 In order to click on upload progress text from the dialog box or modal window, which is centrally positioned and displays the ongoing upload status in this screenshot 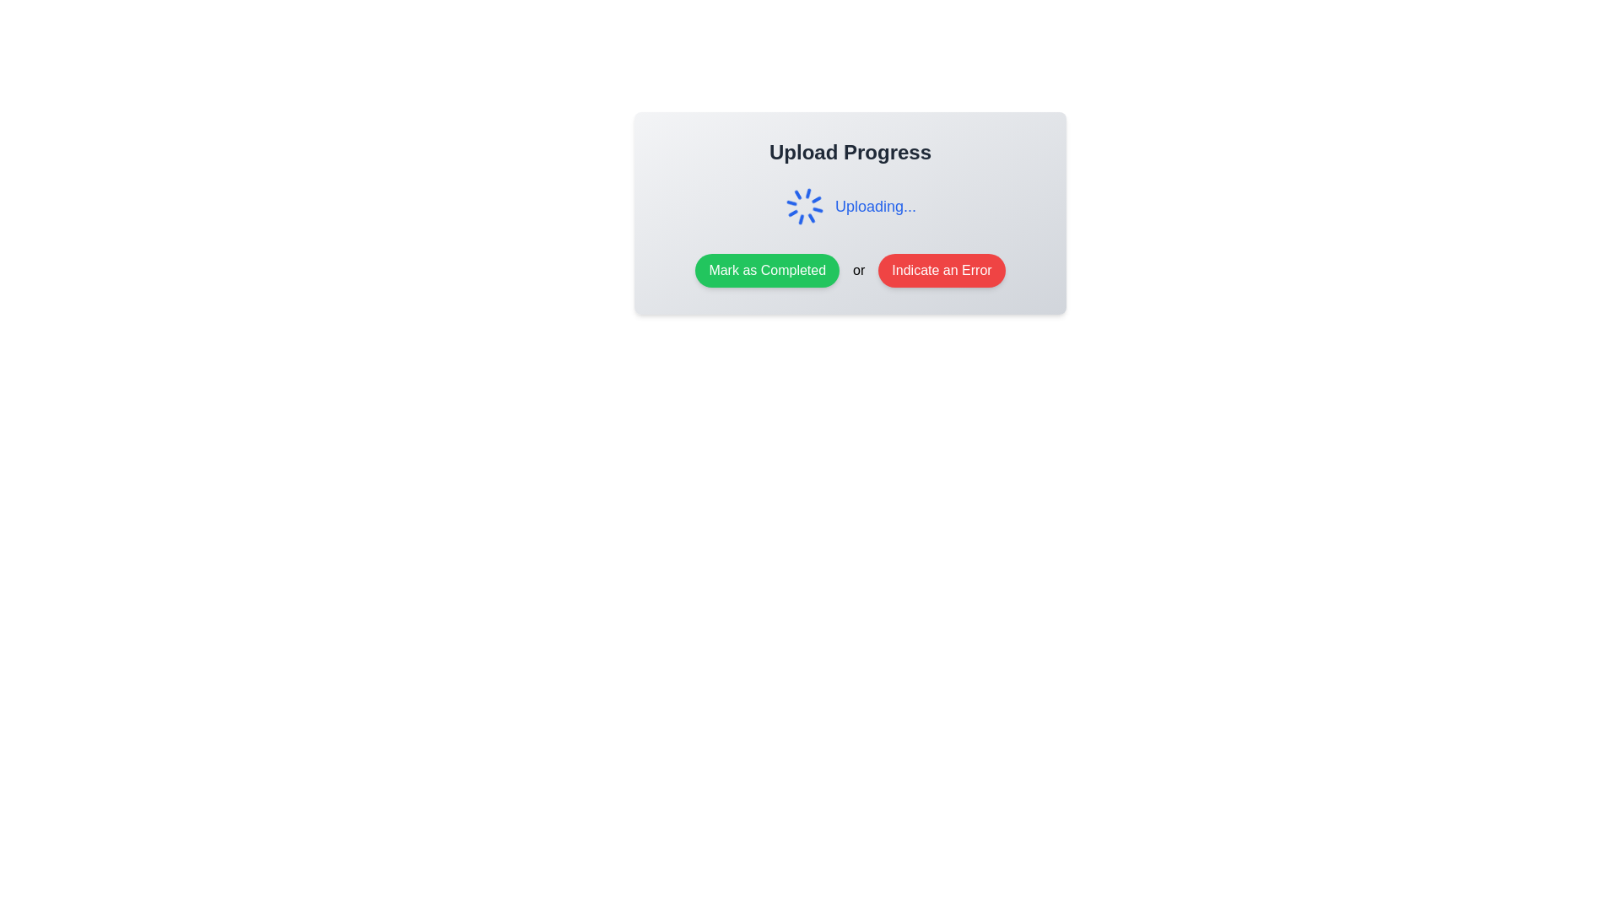, I will do `click(850, 213)`.